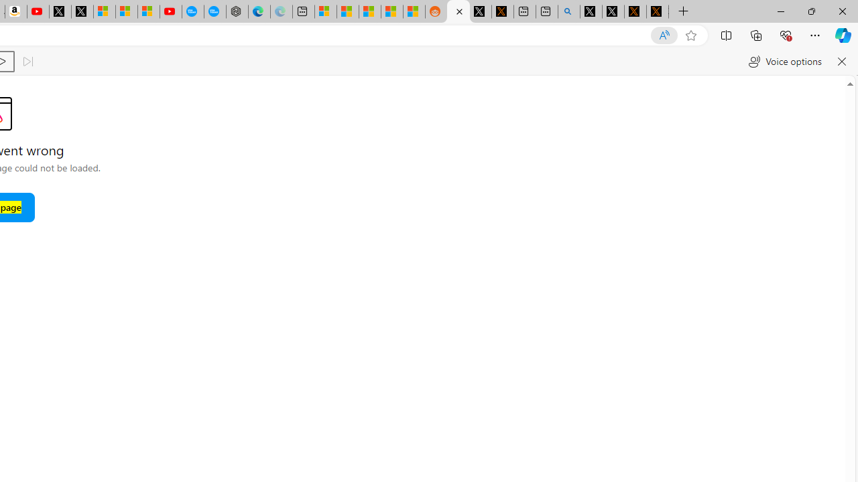 This screenshot has height=482, width=858. What do you see at coordinates (569, 11) in the screenshot?
I see `'github - Search'` at bounding box center [569, 11].